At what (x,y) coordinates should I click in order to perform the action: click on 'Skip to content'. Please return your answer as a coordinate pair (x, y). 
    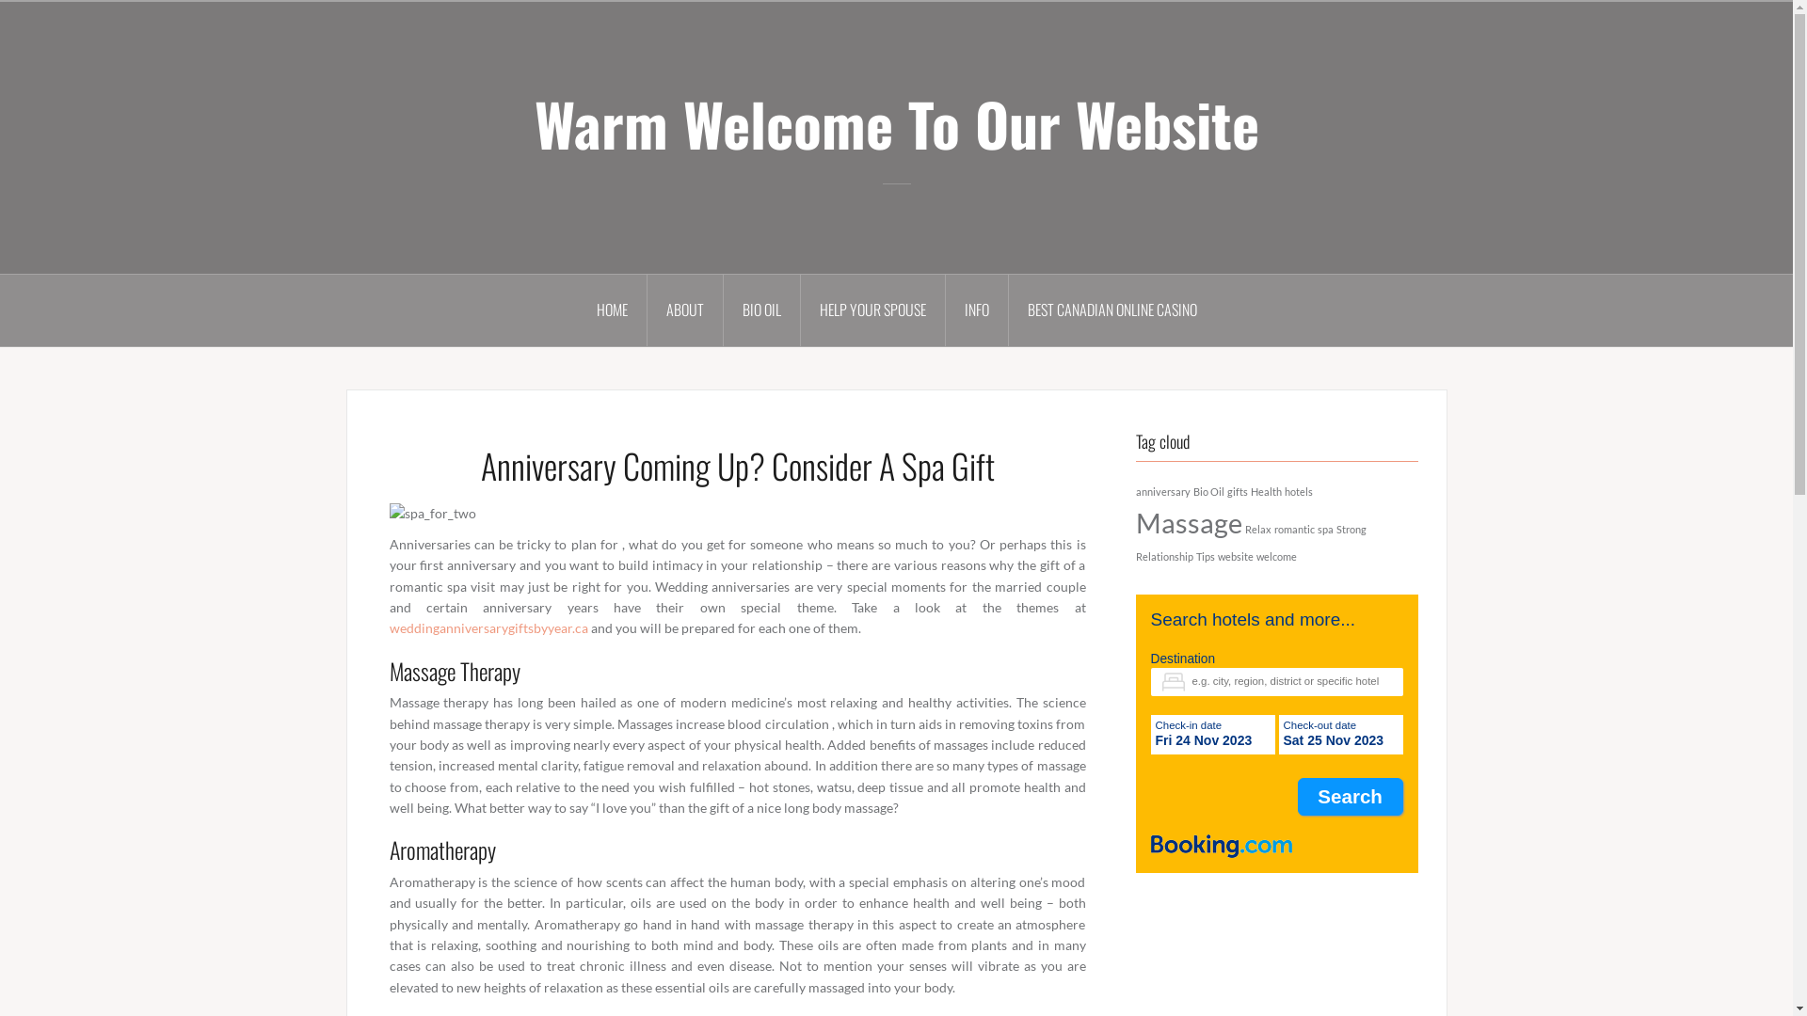
    Looking at the image, I should click on (0, 0).